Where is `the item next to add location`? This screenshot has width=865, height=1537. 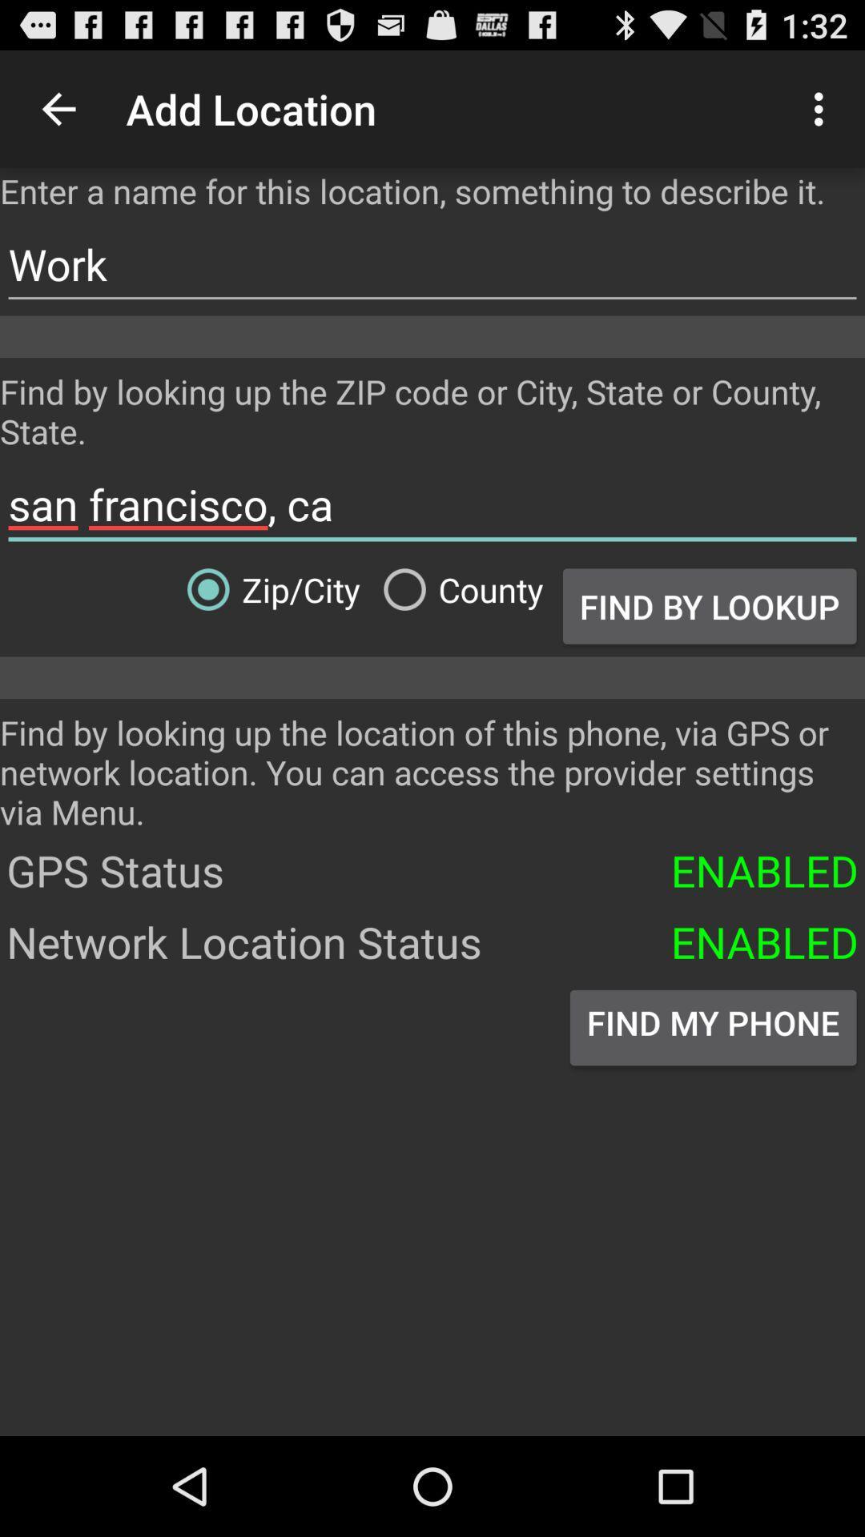 the item next to add location is located at coordinates (58, 108).